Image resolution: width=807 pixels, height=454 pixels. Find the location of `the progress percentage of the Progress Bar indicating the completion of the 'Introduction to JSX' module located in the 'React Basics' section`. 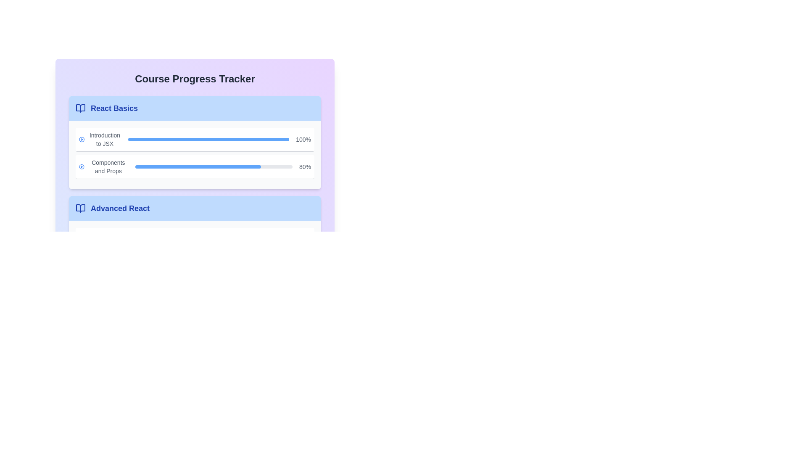

the progress percentage of the Progress Bar indicating the completion of the 'Introduction to JSX' module located in the 'React Basics' section is located at coordinates (195, 140).